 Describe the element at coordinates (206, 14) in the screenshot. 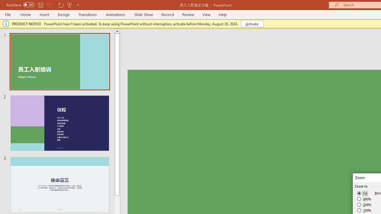

I see `'View'` at that location.